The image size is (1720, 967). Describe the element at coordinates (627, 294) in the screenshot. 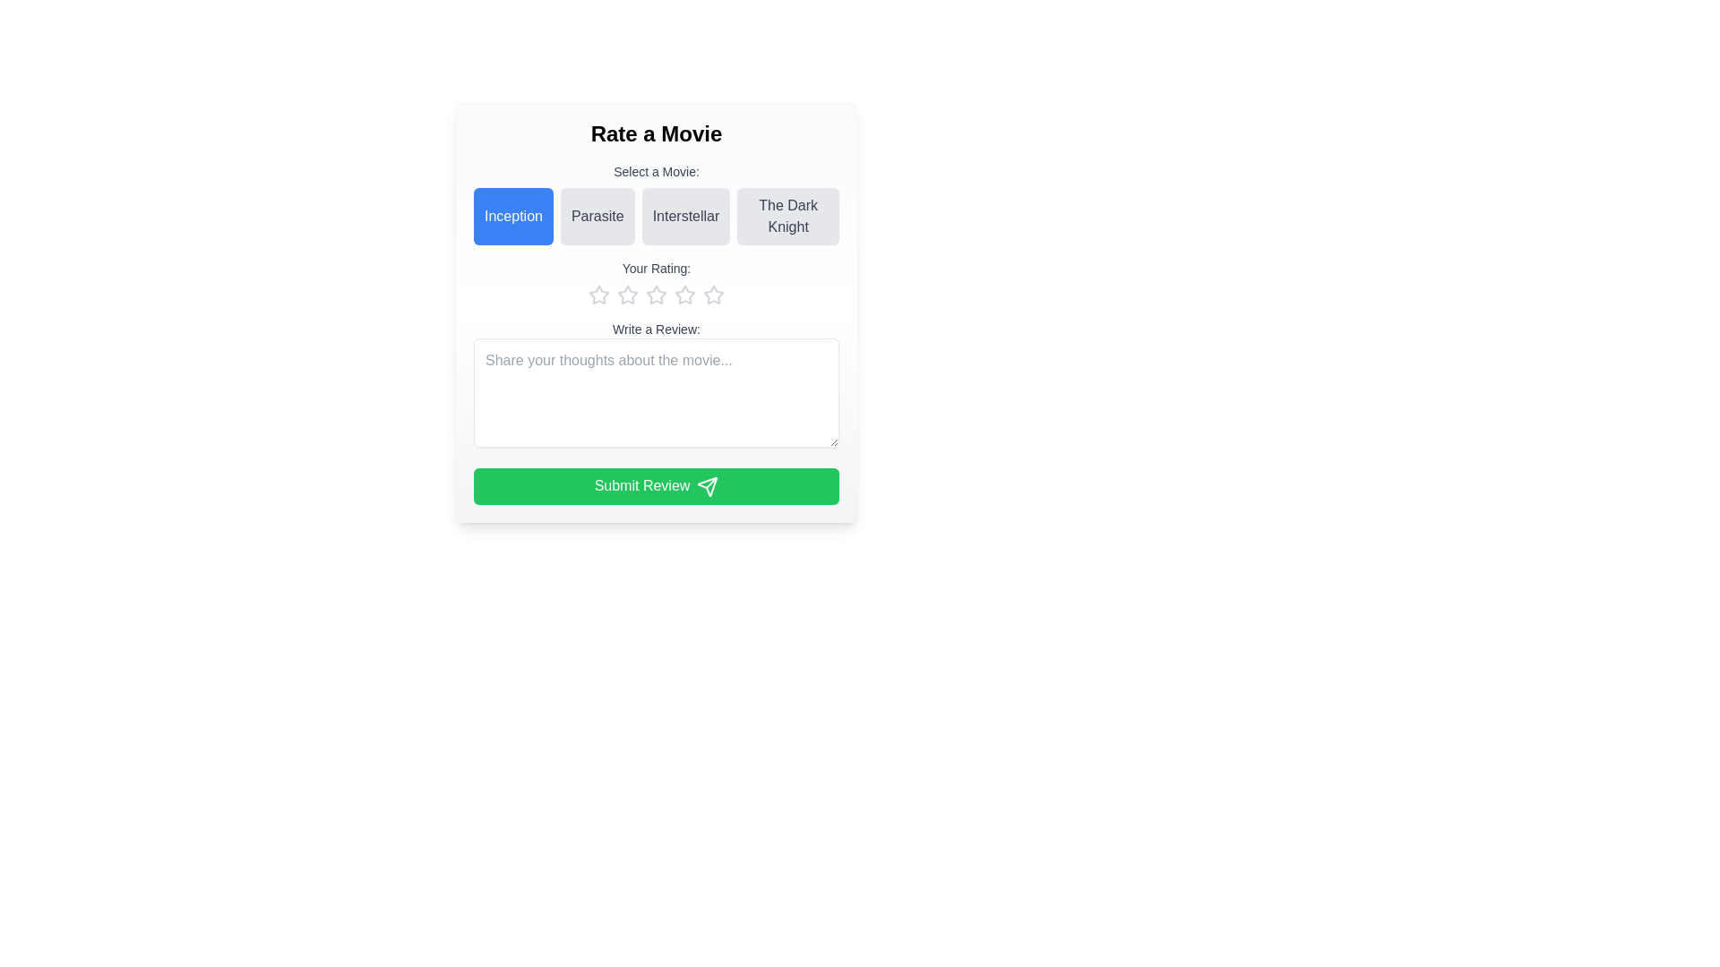

I see `the second star icon in the five-star rating system` at that location.